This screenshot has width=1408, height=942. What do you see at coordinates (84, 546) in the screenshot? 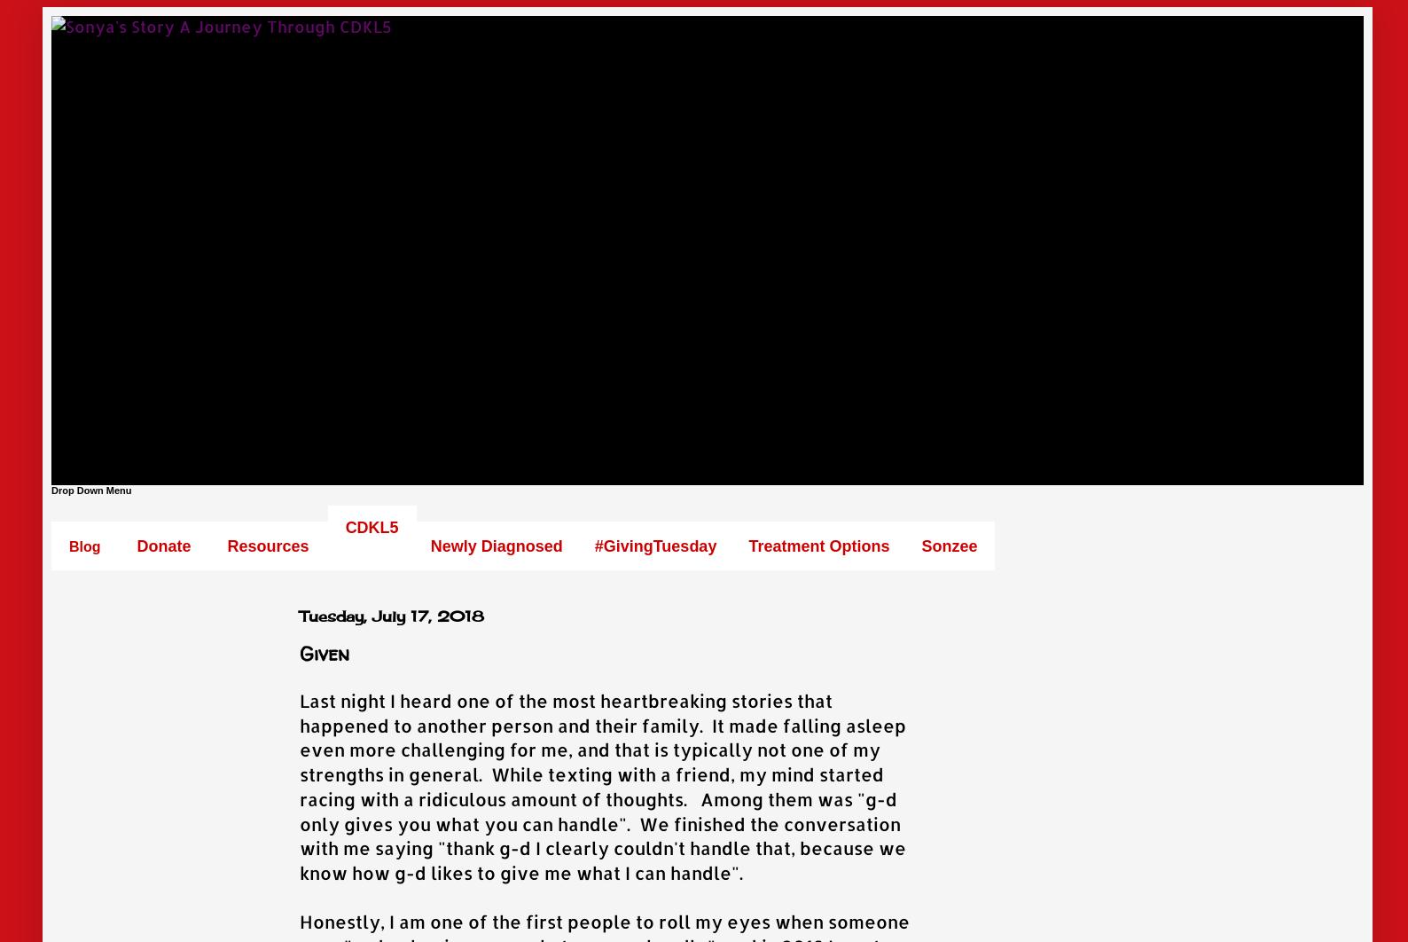
I see `'Blog'` at bounding box center [84, 546].